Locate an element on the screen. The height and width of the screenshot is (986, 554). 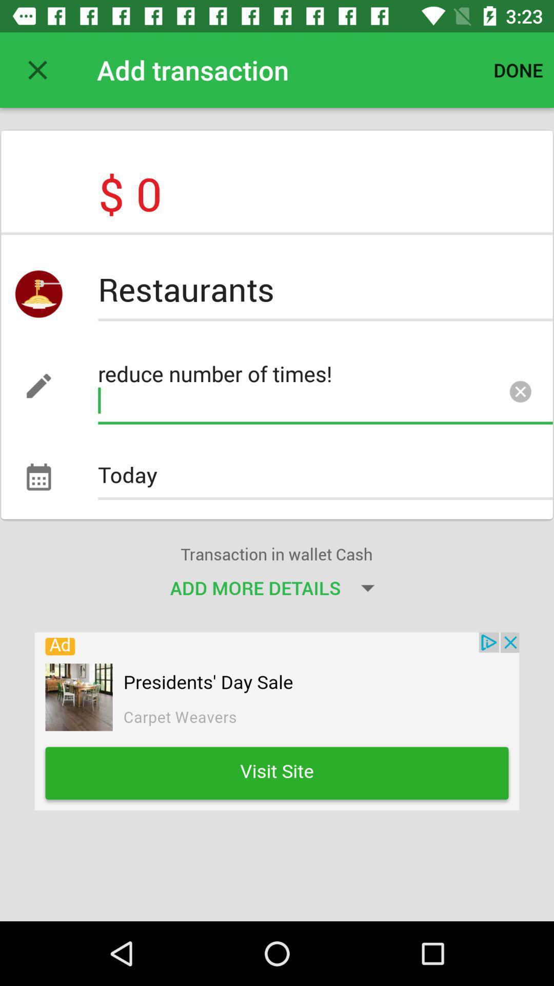
window is located at coordinates (37, 69).